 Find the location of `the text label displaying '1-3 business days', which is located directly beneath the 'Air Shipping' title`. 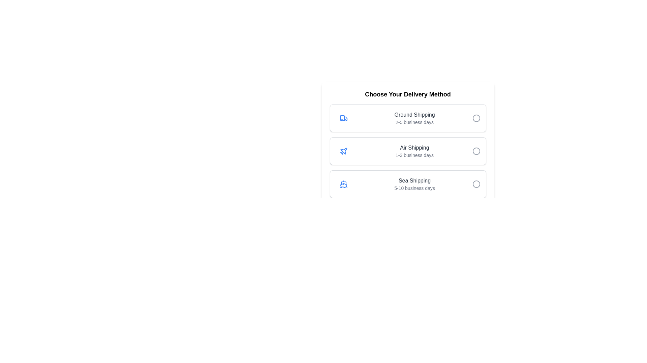

the text label displaying '1-3 business days', which is located directly beneath the 'Air Shipping' title is located at coordinates (414, 155).